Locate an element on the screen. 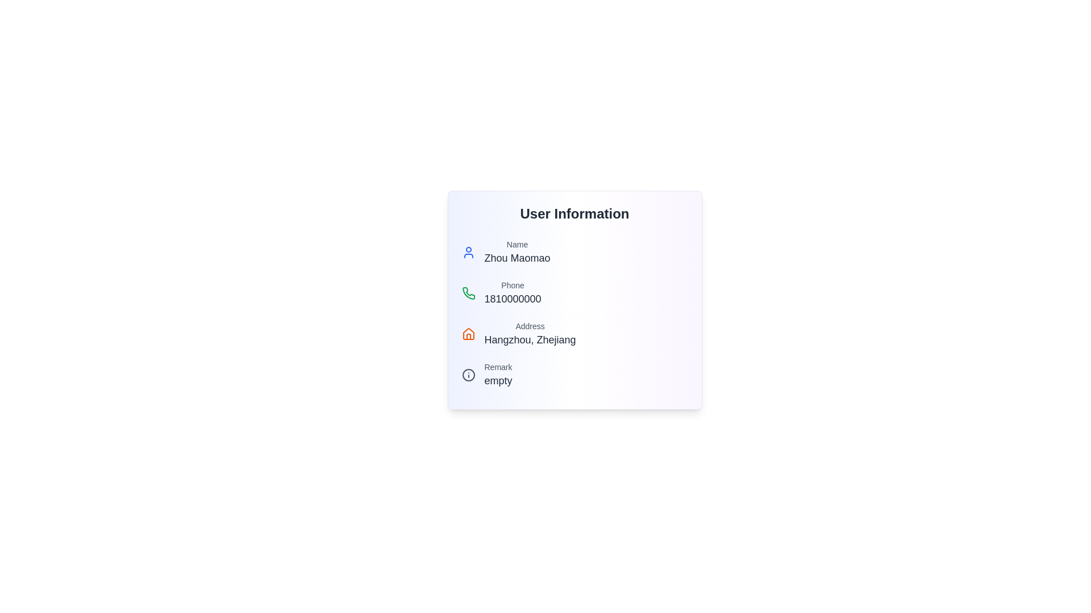 The height and width of the screenshot is (613, 1091). the 'Remark' text label, which is styled in gray with medium weight font and located in the 'User Information' section, positioned above the 'empty' text is located at coordinates (498, 367).